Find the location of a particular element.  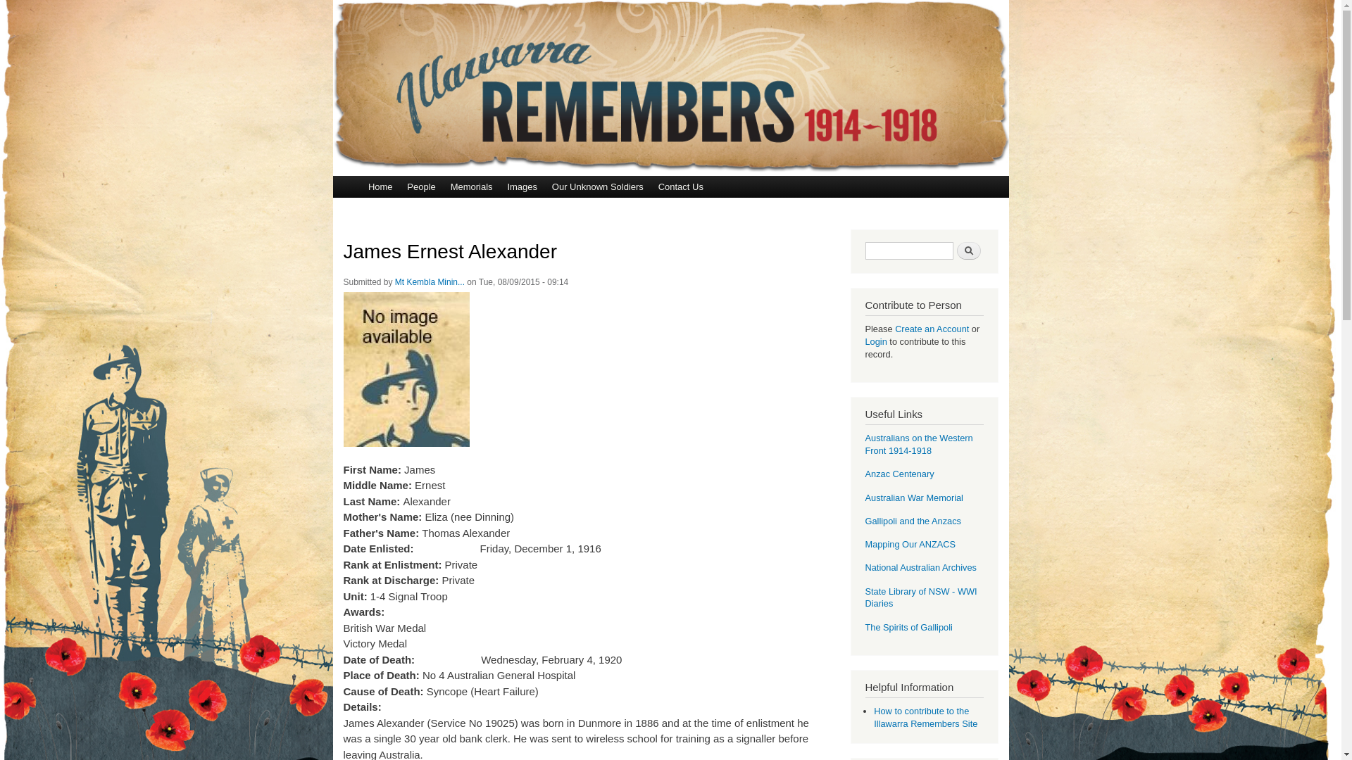

'State Library of NSW - WWI Diaries' is located at coordinates (920, 597).